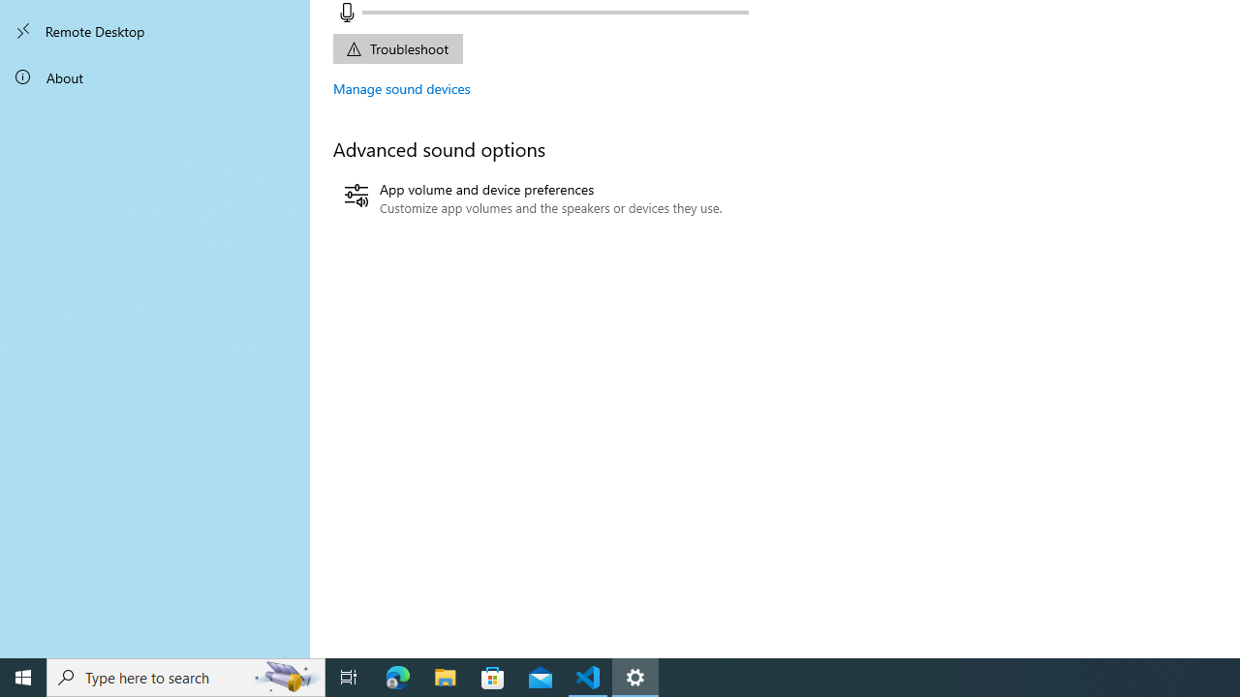 The width and height of the screenshot is (1240, 697). What do you see at coordinates (587, 676) in the screenshot?
I see `'Visual Studio Code - 1 running window'` at bounding box center [587, 676].